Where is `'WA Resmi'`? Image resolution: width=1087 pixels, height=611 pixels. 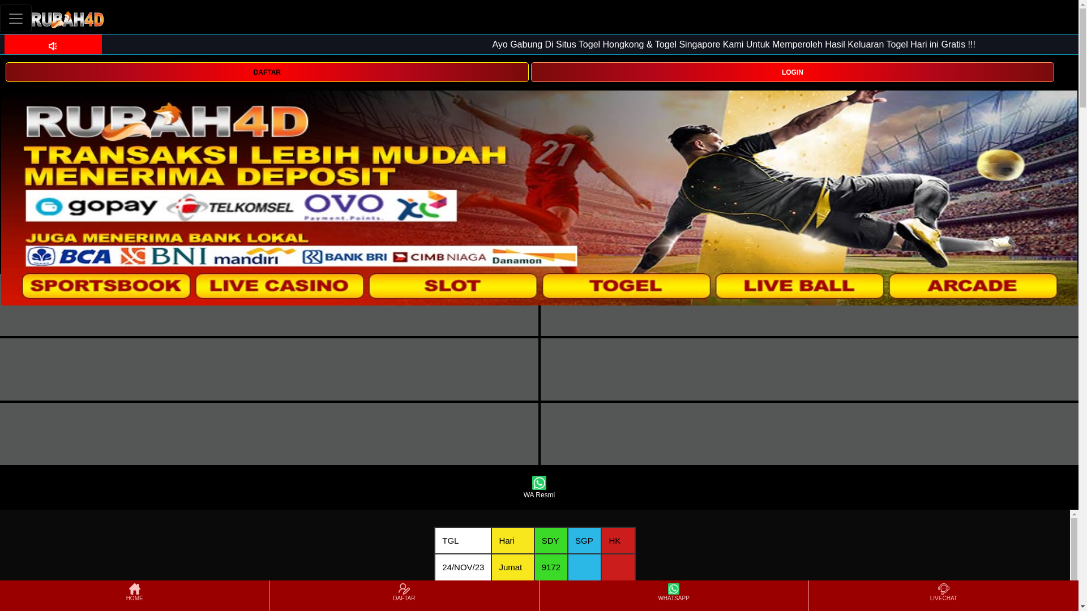 'WA Resmi' is located at coordinates (538, 487).